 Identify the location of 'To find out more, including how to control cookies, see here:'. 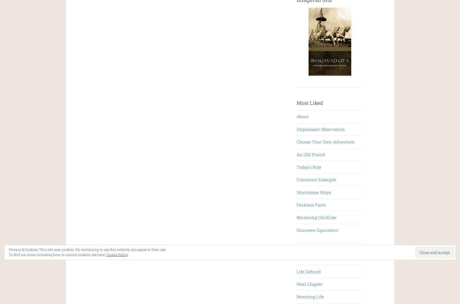
(9, 254).